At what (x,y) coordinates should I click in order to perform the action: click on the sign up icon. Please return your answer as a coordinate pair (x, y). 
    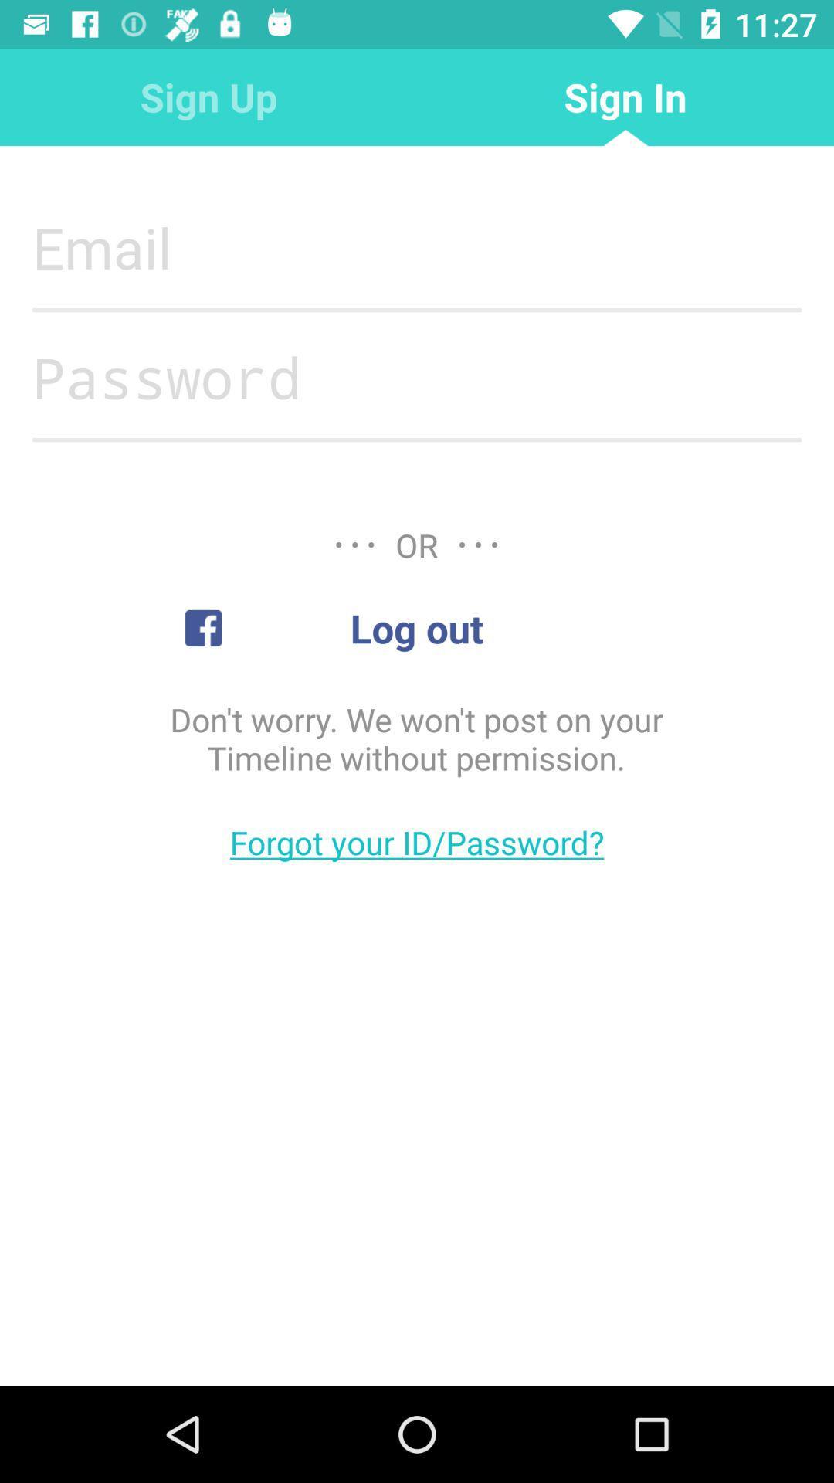
    Looking at the image, I should click on (208, 96).